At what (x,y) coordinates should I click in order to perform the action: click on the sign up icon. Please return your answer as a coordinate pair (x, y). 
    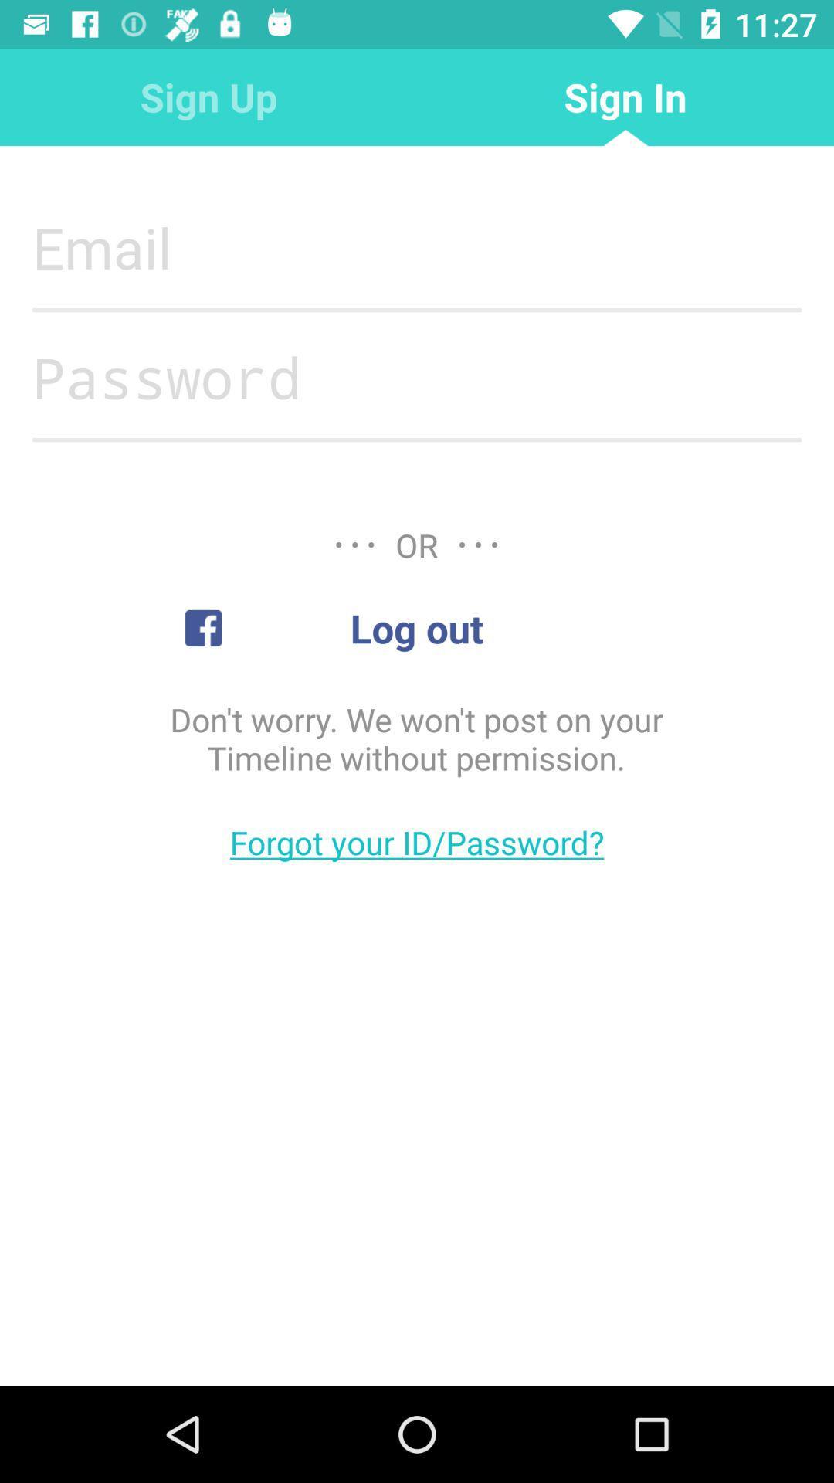
    Looking at the image, I should click on (208, 96).